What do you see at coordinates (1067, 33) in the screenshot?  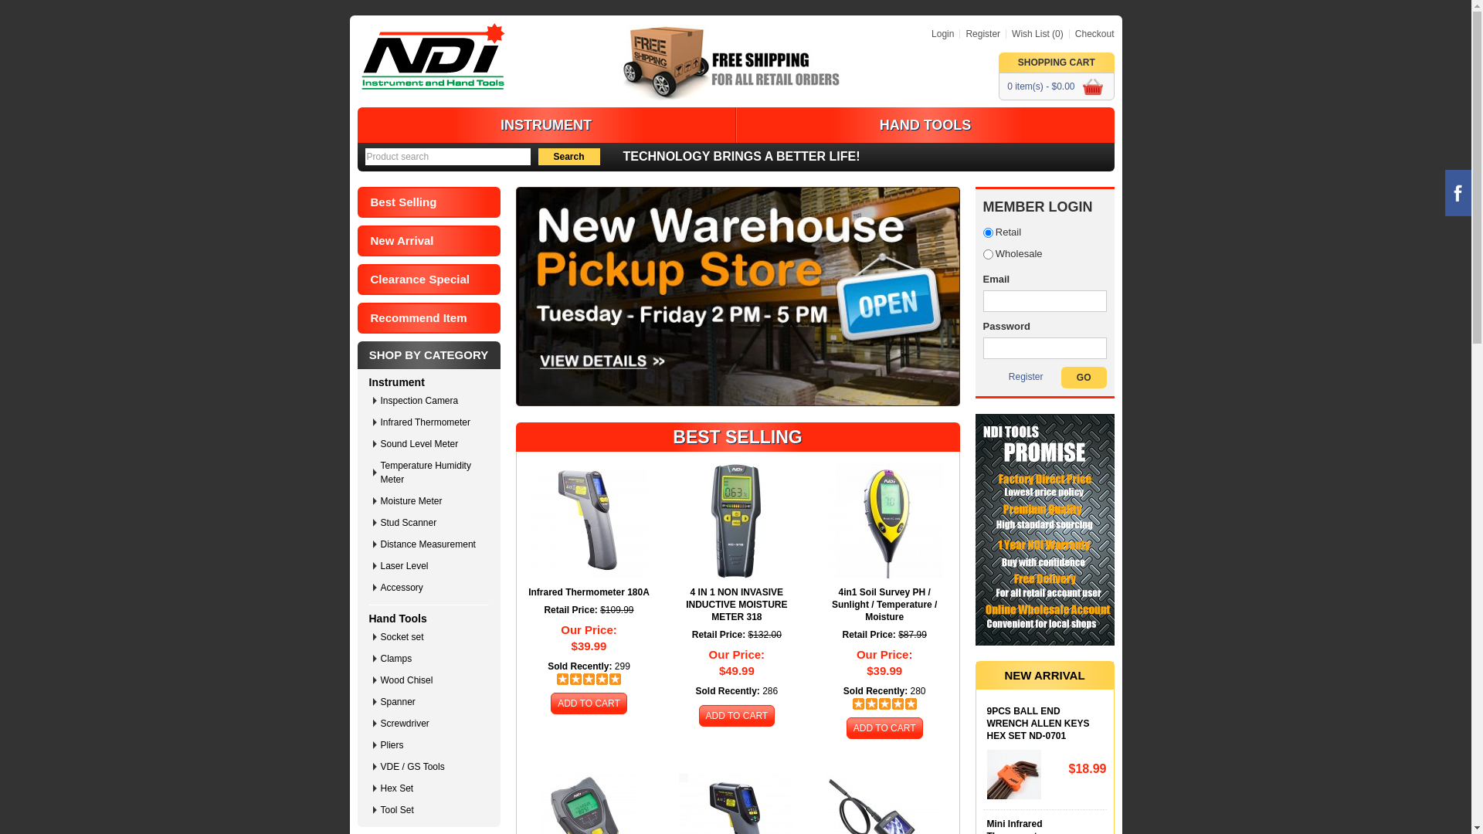 I see `'Checkout'` at bounding box center [1067, 33].